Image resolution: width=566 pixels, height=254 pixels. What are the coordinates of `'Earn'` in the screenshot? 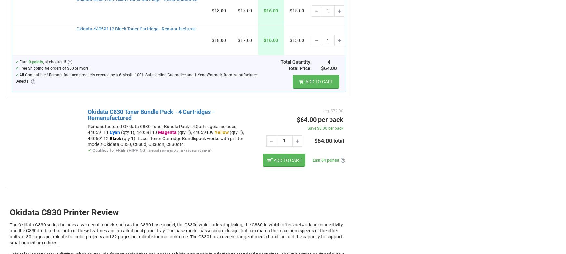 It's located at (23, 62).